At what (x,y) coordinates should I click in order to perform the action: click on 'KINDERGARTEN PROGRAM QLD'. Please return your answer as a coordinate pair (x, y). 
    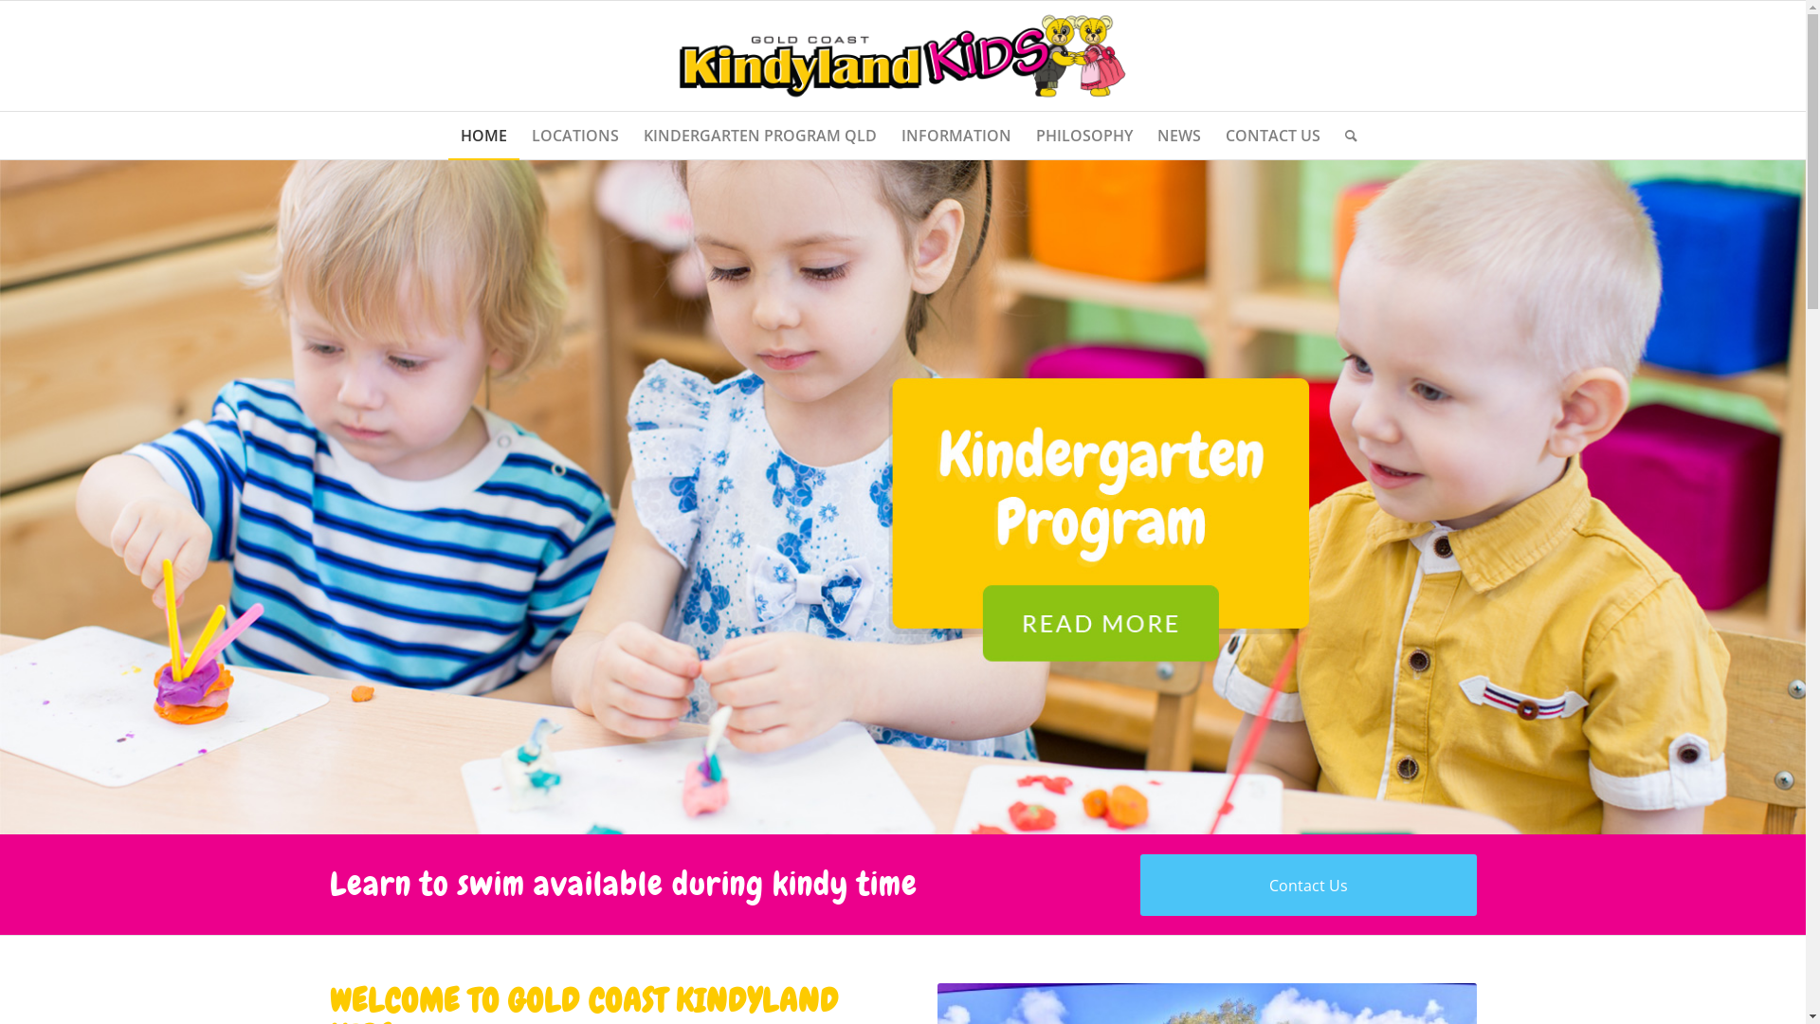
    Looking at the image, I should click on (759, 134).